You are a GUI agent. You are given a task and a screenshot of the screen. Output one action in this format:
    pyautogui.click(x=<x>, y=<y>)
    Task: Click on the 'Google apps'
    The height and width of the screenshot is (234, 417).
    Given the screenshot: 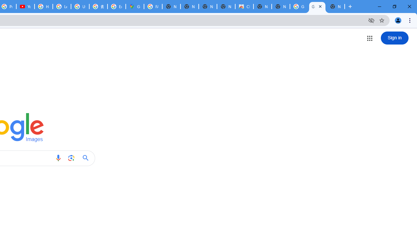 What is the action you would take?
    pyautogui.click(x=369, y=38)
    